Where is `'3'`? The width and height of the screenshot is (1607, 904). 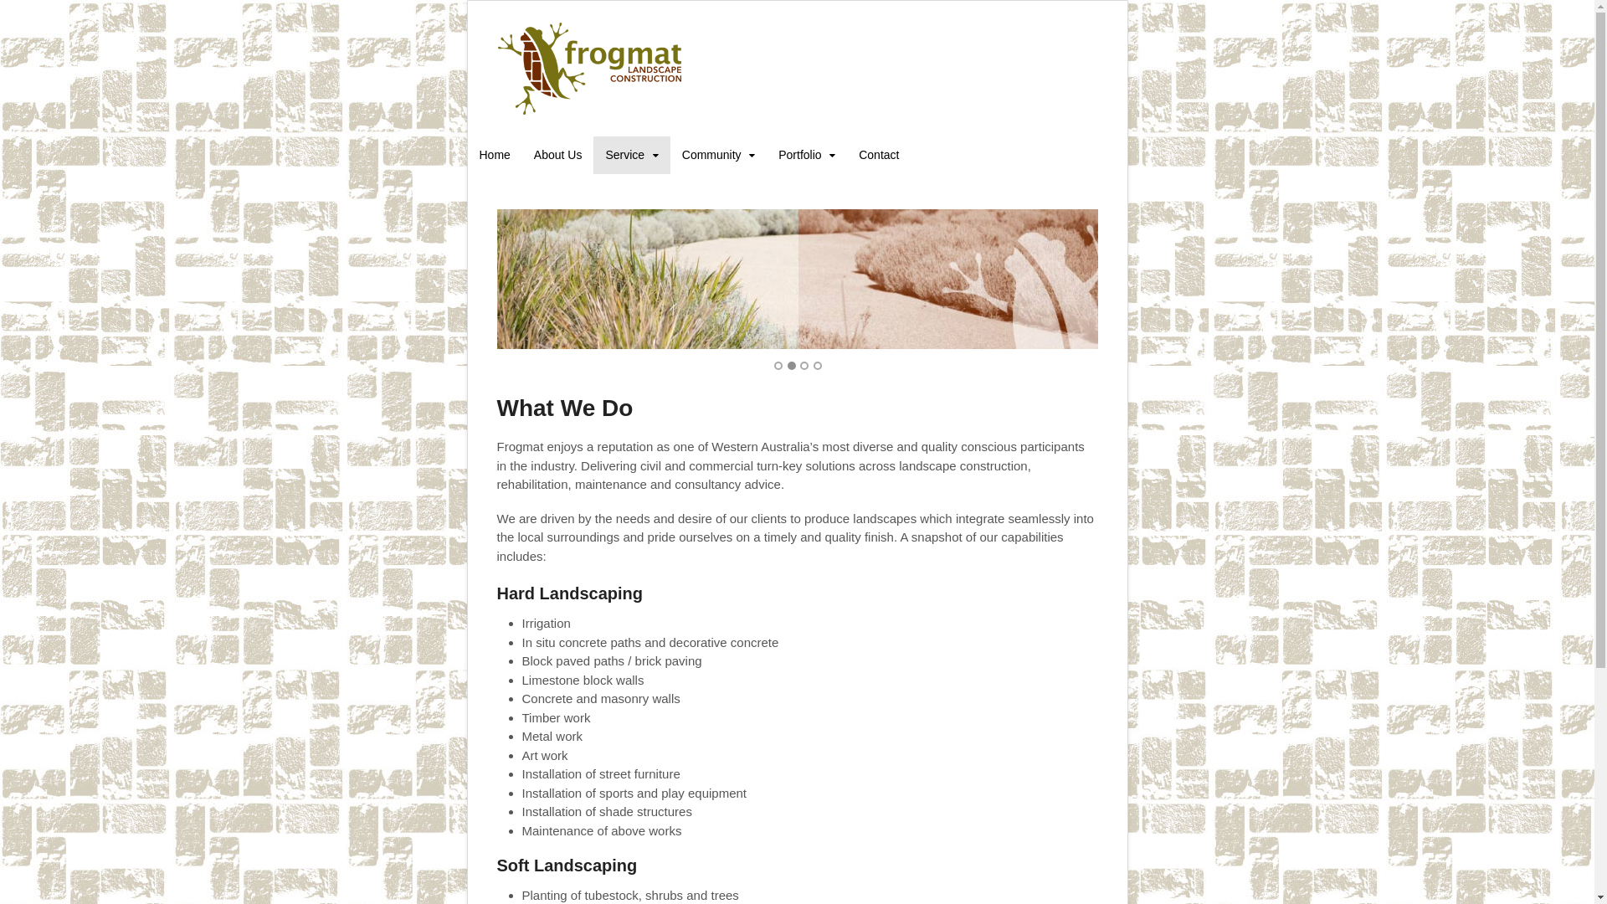 '3' is located at coordinates (798, 364).